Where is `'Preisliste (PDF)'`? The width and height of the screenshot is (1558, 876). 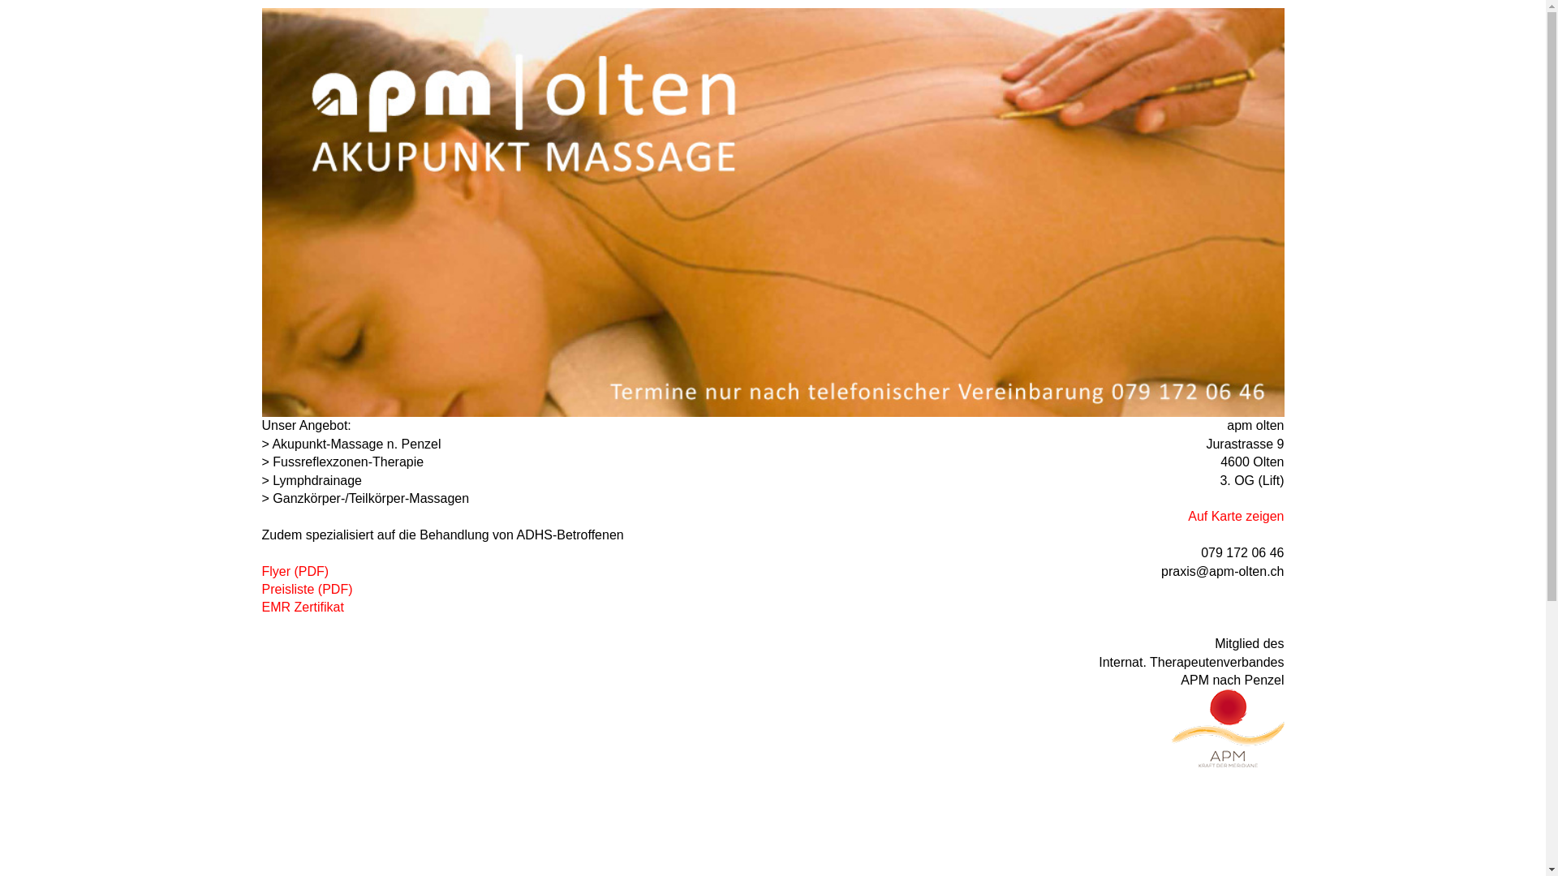
'Preisliste (PDF)' is located at coordinates (260, 589).